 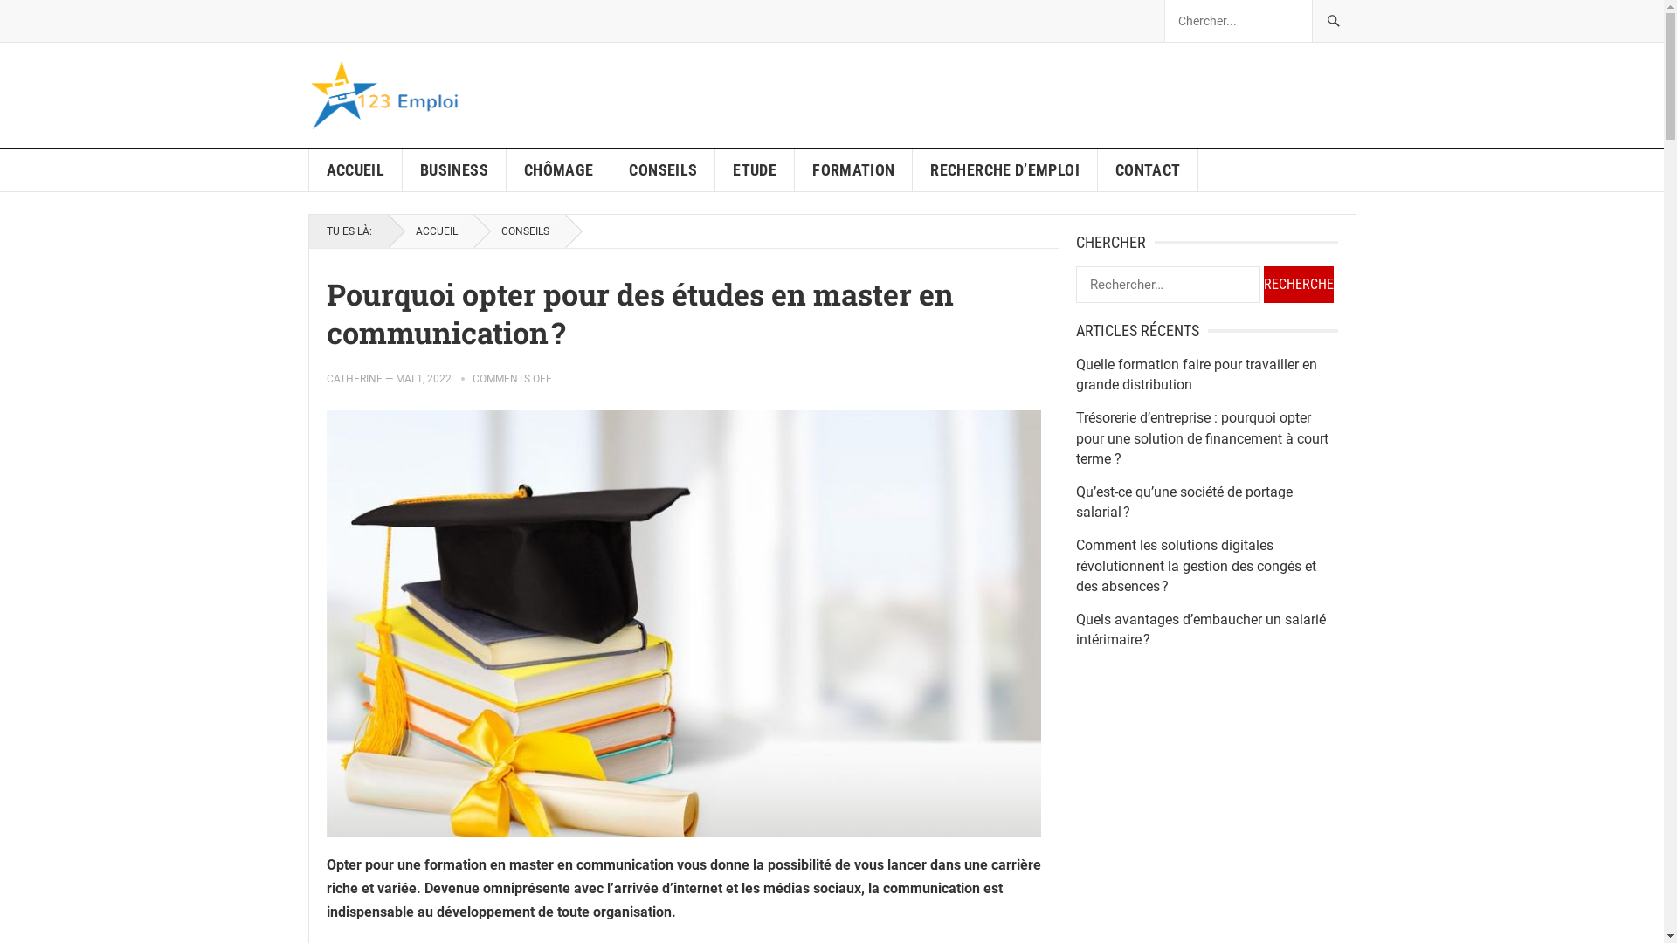 I want to click on 'ETUDE', so click(x=755, y=170).